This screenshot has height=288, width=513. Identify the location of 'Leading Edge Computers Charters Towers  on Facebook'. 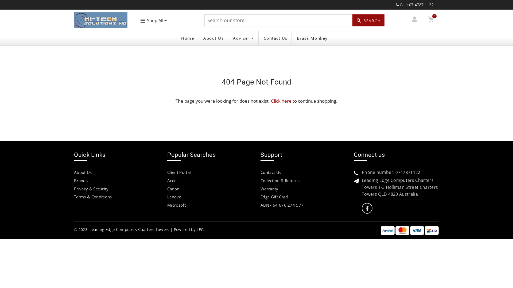
(367, 208).